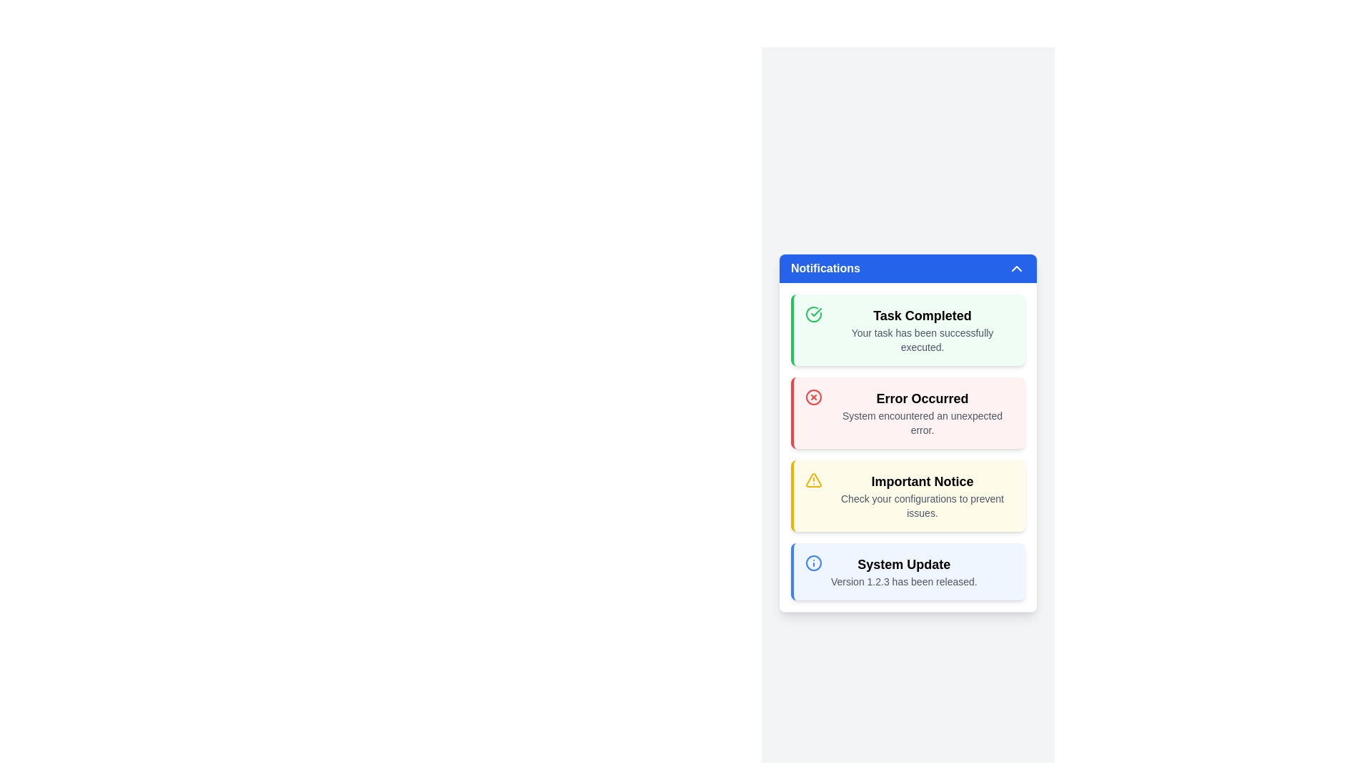 The image size is (1372, 772). What do you see at coordinates (813, 313) in the screenshot?
I see `the success confirmation icon representing the 'Task Completed' notification located at the top left corner of the card` at bounding box center [813, 313].